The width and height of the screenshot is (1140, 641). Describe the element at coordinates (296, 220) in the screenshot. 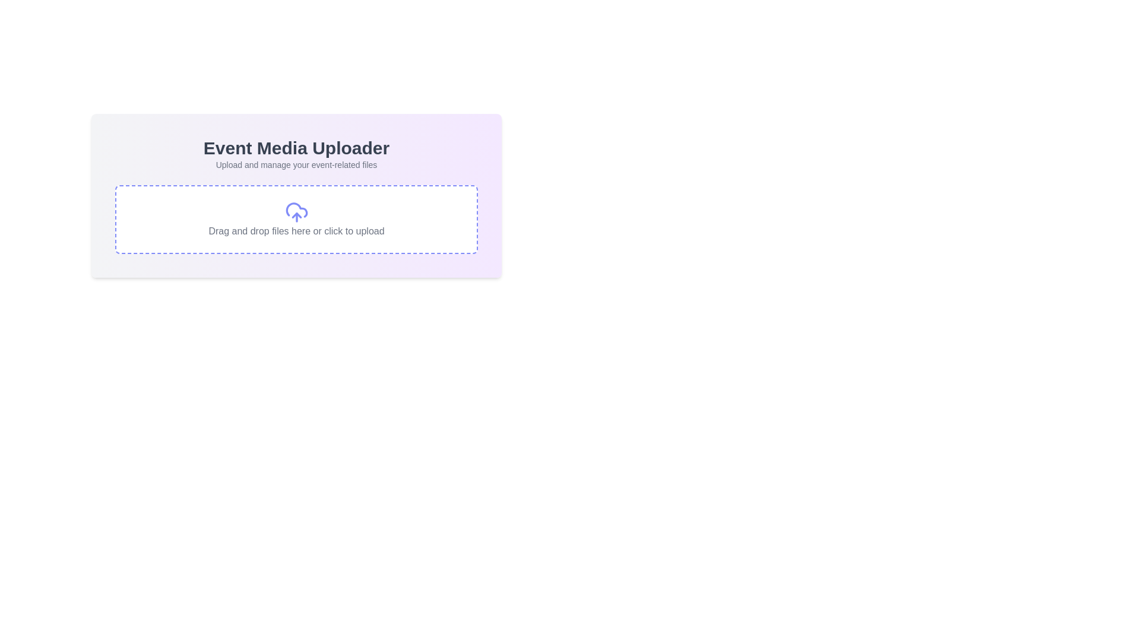

I see `the file upload interface component, which is a rectangular section with a dashed purple border, a cloud upload icon, and the text 'Drag and drop files here or click to upload'` at that location.